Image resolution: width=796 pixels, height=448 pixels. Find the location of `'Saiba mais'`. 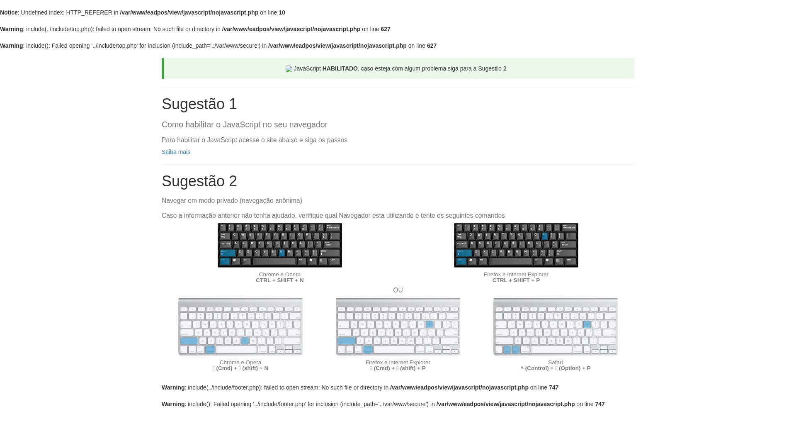

'Saiba mais' is located at coordinates (175, 152).